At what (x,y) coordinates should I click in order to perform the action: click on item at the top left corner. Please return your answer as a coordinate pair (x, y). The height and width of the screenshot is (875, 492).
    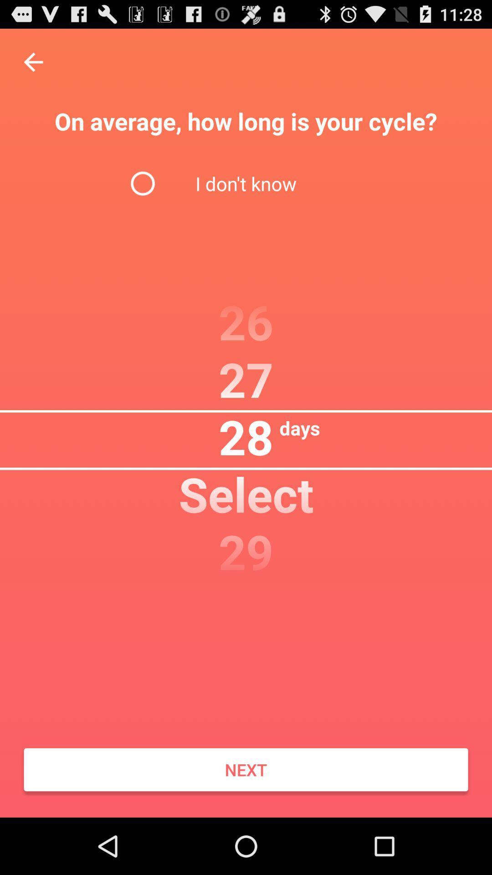
    Looking at the image, I should click on (33, 62).